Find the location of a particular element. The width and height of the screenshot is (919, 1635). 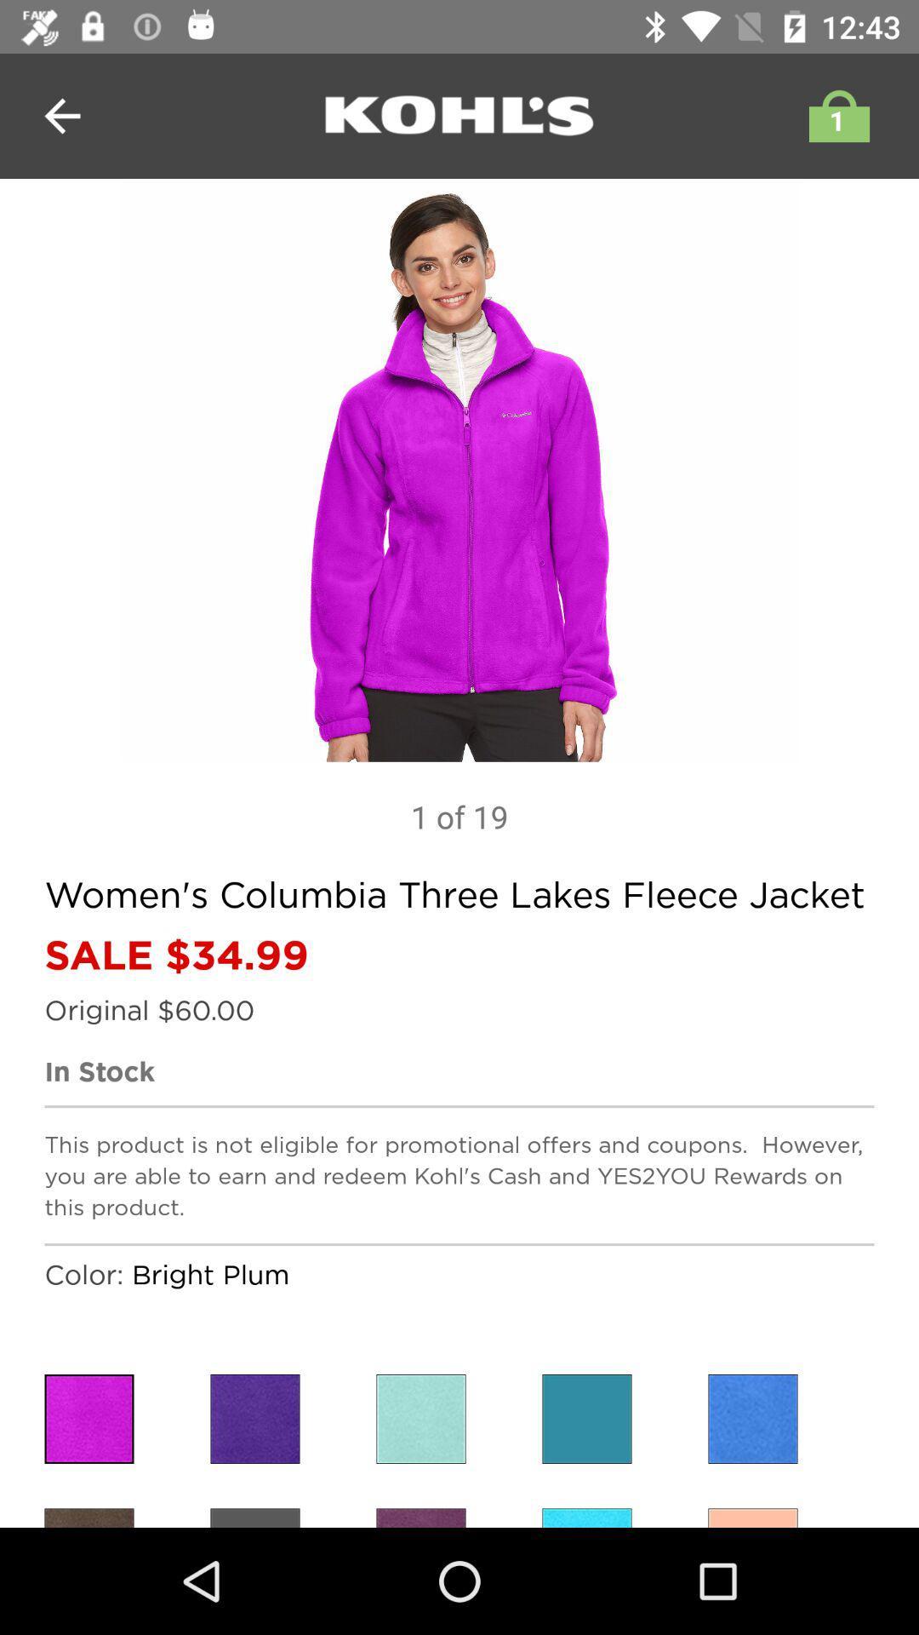

change the color to lighjt blue is located at coordinates (420, 1419).